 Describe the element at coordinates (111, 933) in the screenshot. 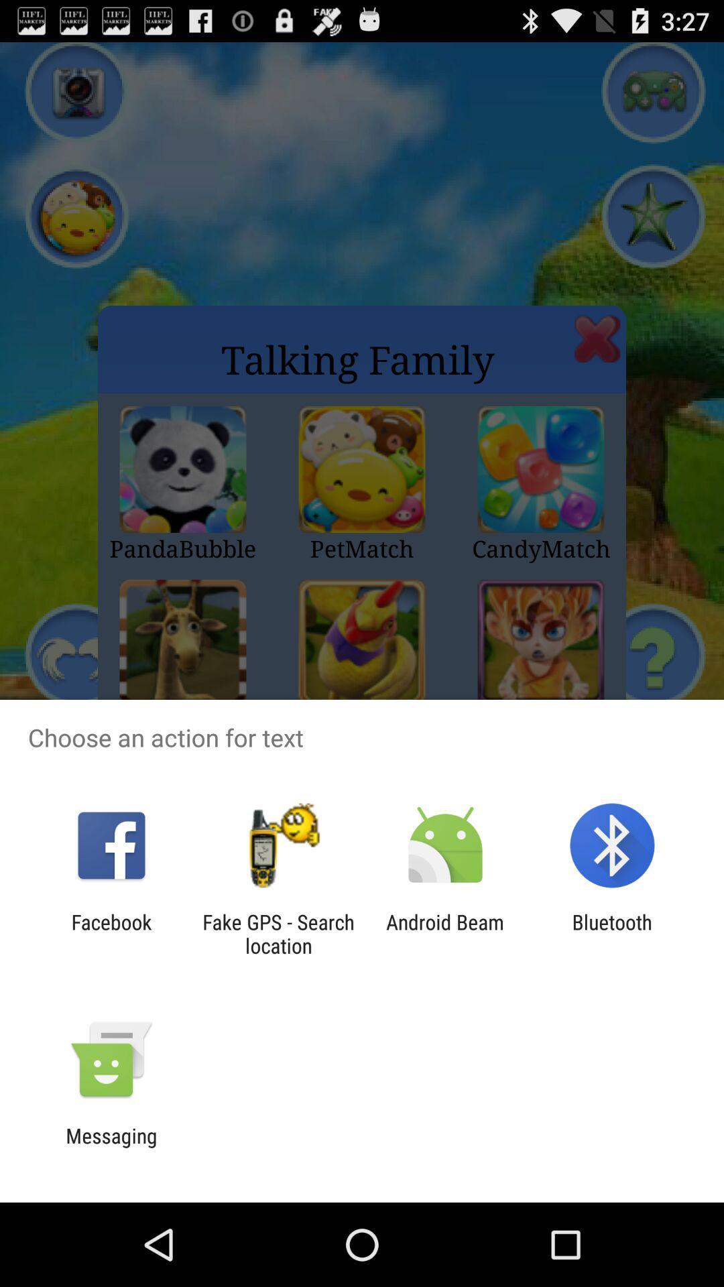

I see `app next to the fake gps search` at that location.